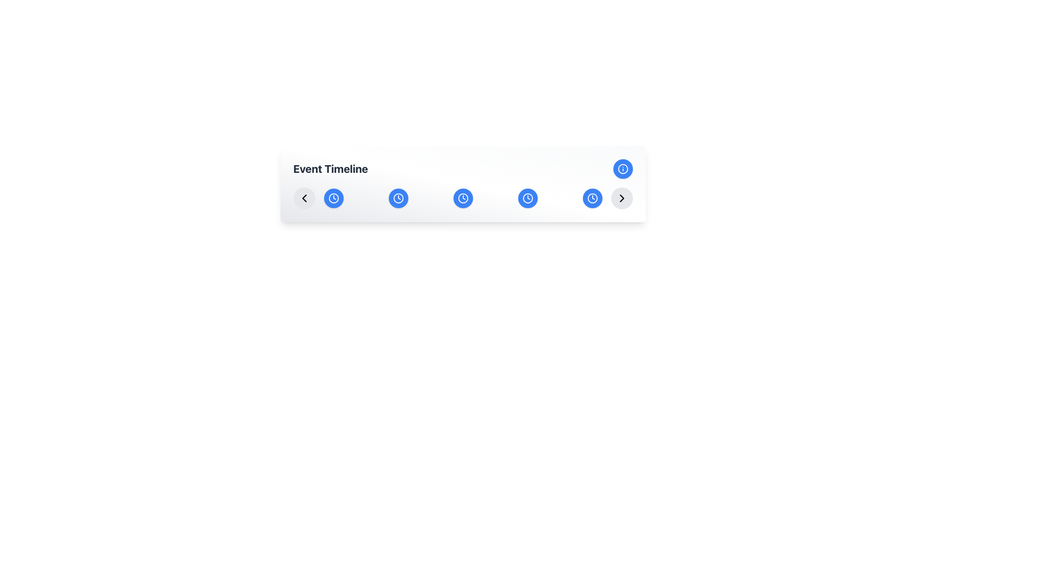 This screenshot has height=587, width=1044. What do you see at coordinates (622, 198) in the screenshot?
I see `the rightmost button in the navigation row` at bounding box center [622, 198].